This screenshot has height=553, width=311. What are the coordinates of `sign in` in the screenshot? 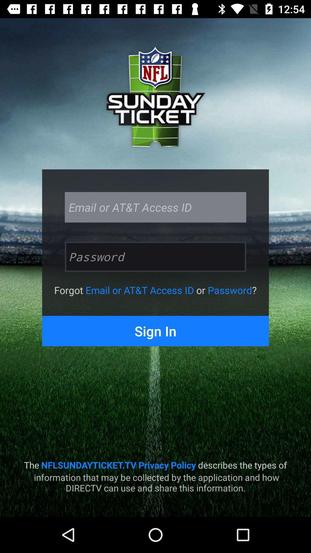 It's located at (155, 331).